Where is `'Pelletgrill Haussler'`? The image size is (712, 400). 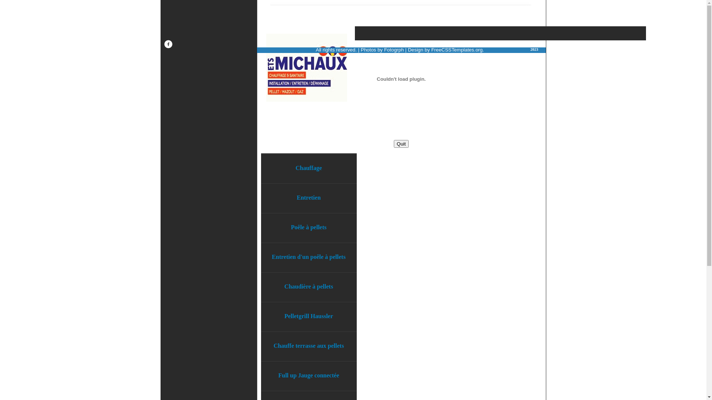 'Pelletgrill Haussler' is located at coordinates (309, 316).